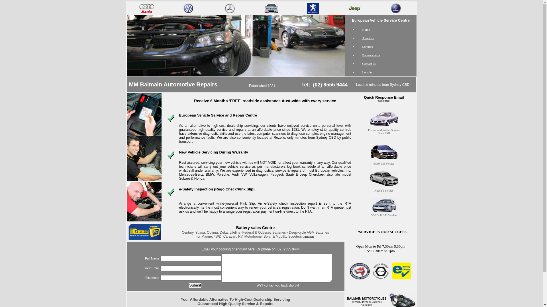  I want to click on 'e-Safety Inspection (Rego Check/Pink Slip)', so click(179, 189).